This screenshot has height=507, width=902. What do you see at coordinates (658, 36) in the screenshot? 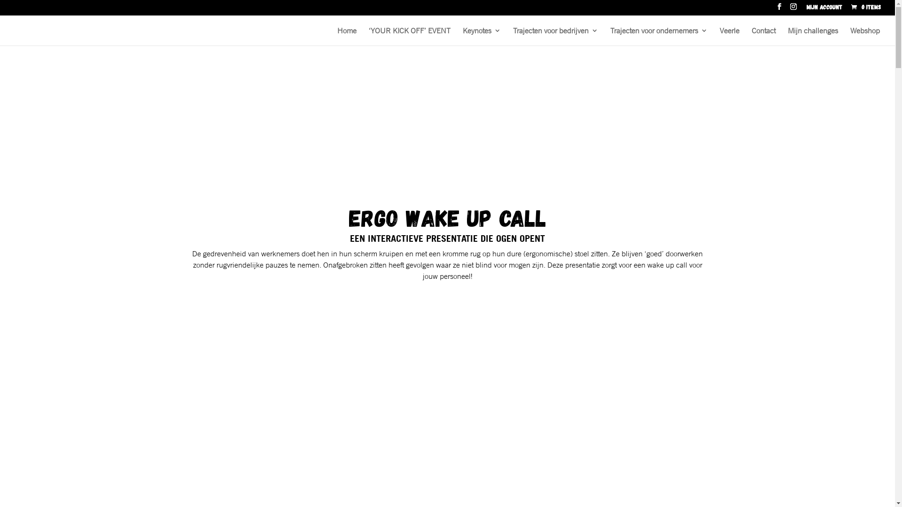
I see `'Trajecten voor ondernemers'` at bounding box center [658, 36].